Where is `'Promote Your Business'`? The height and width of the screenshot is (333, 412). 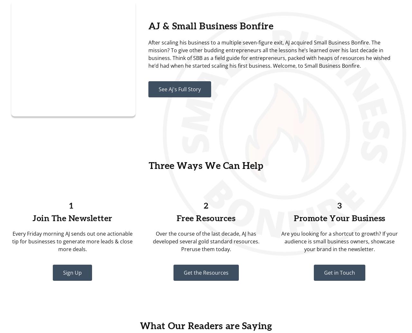 'Promote Your Business' is located at coordinates (339, 218).